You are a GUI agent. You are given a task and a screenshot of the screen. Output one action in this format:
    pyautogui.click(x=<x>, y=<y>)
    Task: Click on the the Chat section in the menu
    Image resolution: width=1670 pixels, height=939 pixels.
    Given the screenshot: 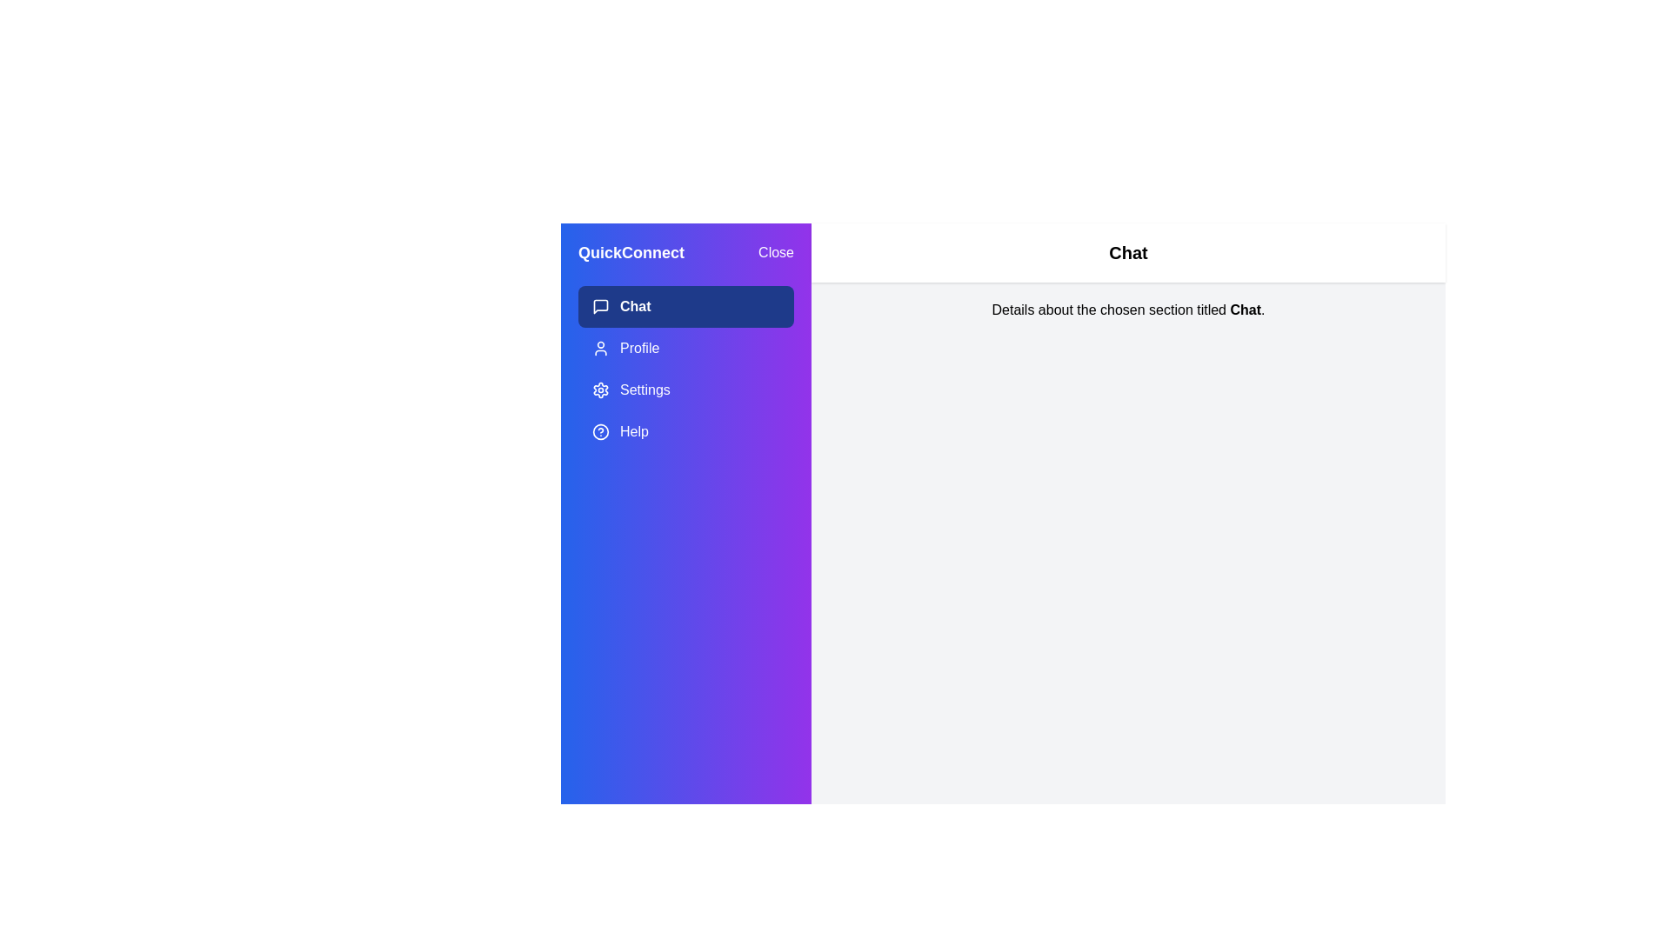 What is the action you would take?
    pyautogui.click(x=685, y=306)
    